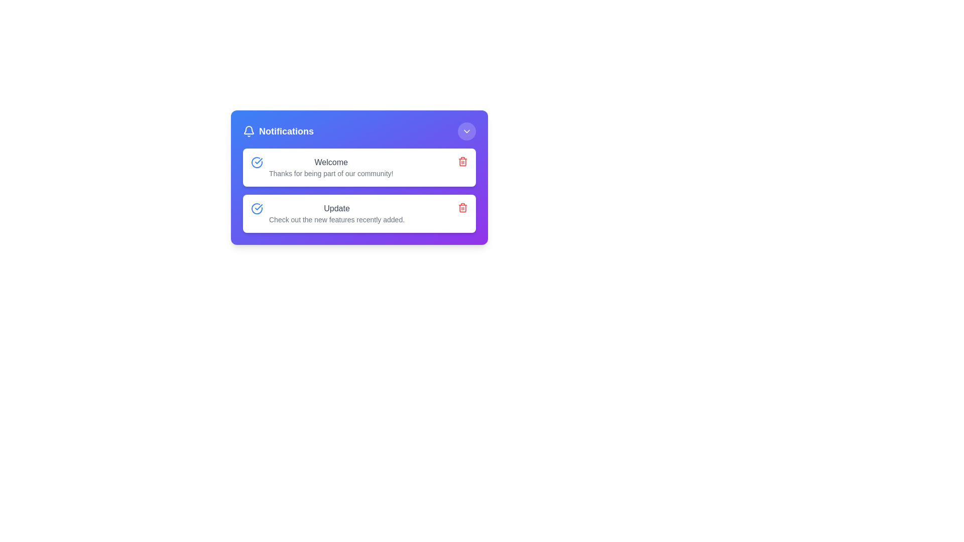  Describe the element at coordinates (331, 162) in the screenshot. I see `the static text element displaying 'Welcome' in gray color, located in the notification card's top row, above the text 'Thanks for being part of our community!'` at that location.